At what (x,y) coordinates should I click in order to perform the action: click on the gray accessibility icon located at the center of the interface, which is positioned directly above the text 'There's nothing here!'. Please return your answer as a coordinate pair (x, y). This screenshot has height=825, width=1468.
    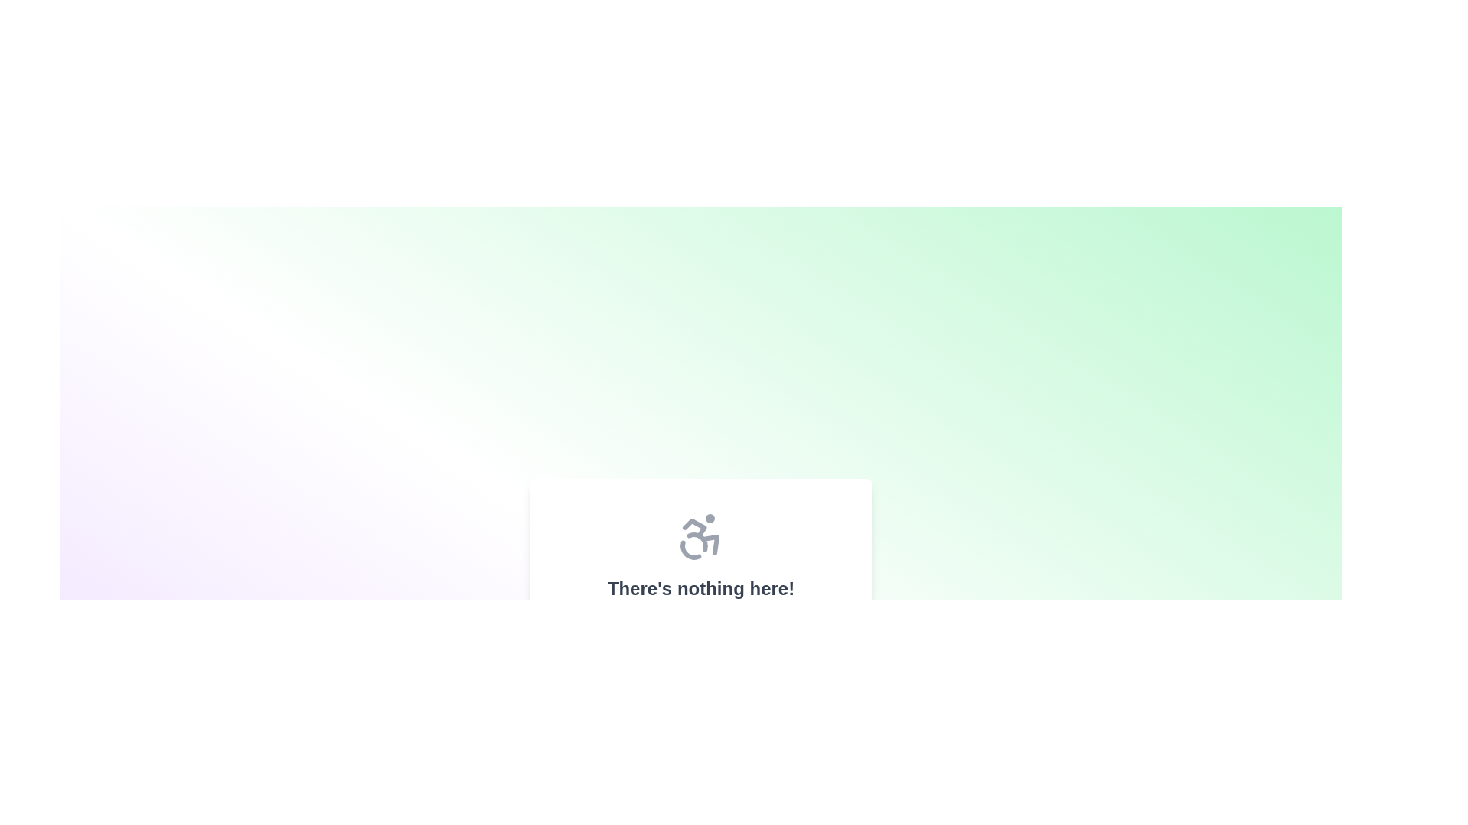
    Looking at the image, I should click on (700, 535).